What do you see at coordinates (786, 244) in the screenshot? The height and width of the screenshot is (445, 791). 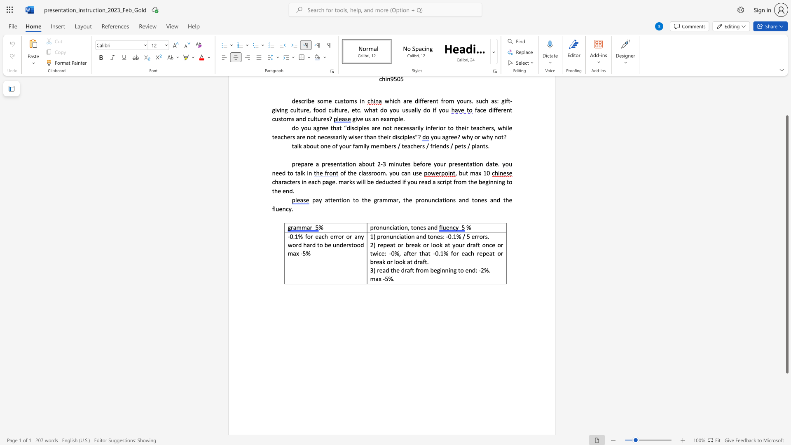 I see `the scrollbar and move up 20 pixels` at bounding box center [786, 244].